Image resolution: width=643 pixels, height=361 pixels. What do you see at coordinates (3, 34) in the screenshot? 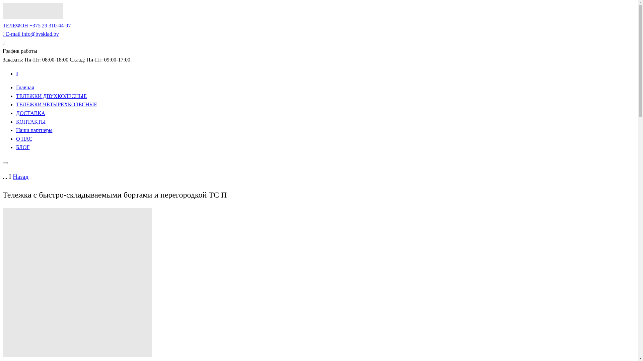
I see `'E-mail info@bysklad.by'` at bounding box center [3, 34].